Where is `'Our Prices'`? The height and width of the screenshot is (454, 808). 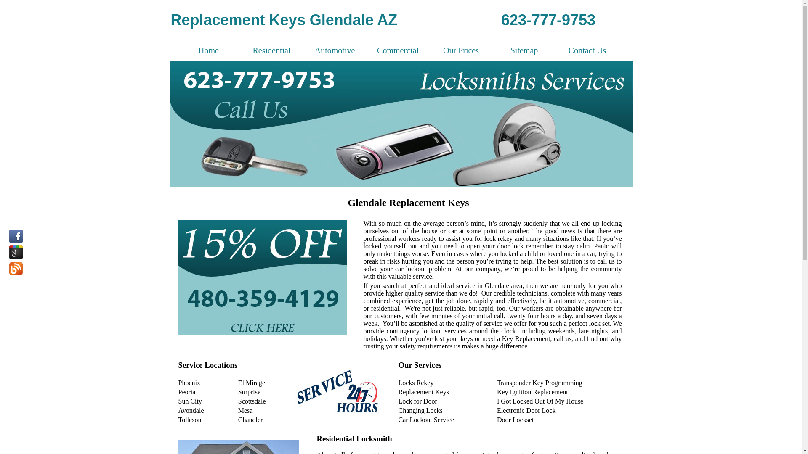 'Our Prices' is located at coordinates (460, 50).